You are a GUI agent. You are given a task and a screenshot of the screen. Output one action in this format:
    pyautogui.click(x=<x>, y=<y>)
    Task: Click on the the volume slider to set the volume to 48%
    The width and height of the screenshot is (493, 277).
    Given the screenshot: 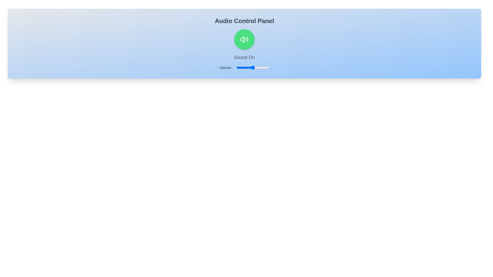 What is the action you would take?
    pyautogui.click(x=252, y=67)
    